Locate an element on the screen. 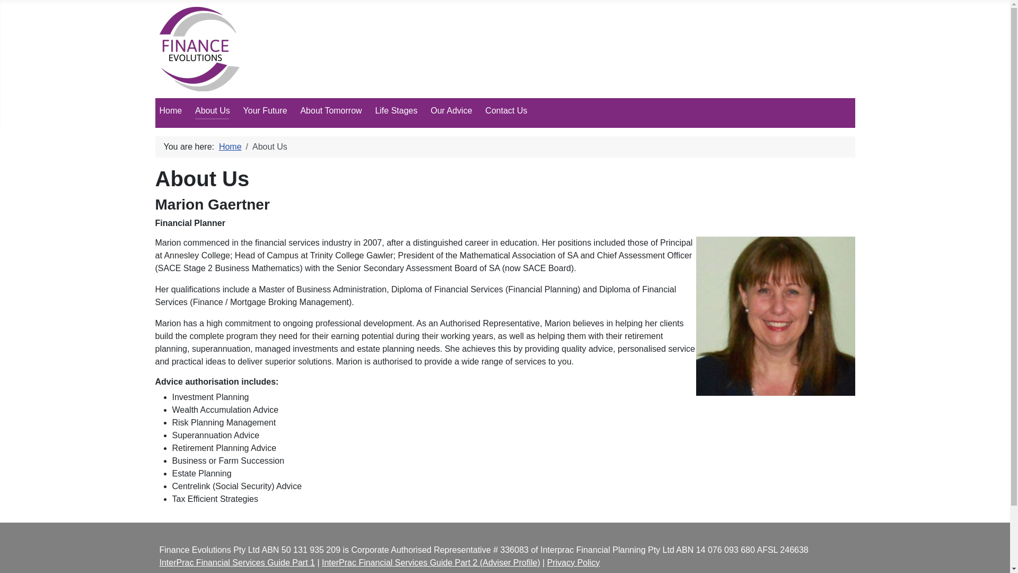 The image size is (1018, 573). 'Life Stages' is located at coordinates (396, 110).